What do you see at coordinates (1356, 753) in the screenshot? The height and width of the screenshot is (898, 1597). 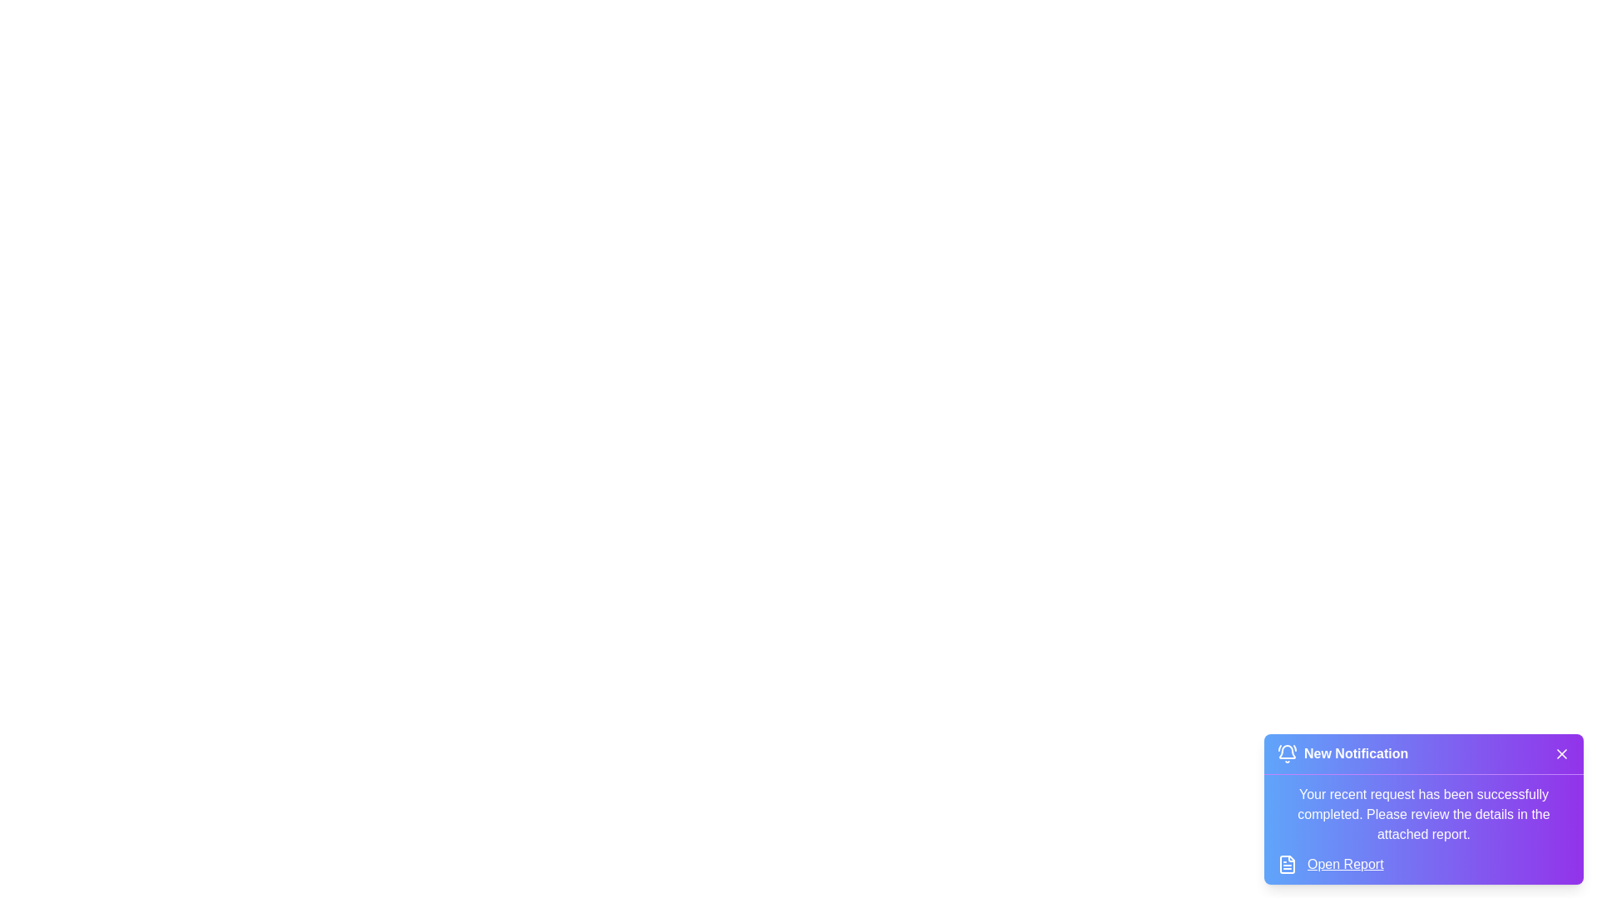 I see `the 'New Notification' text label, which is styled in bold typography and located in the top-right corner of a notification pop-up, next to a bell icon` at bounding box center [1356, 753].